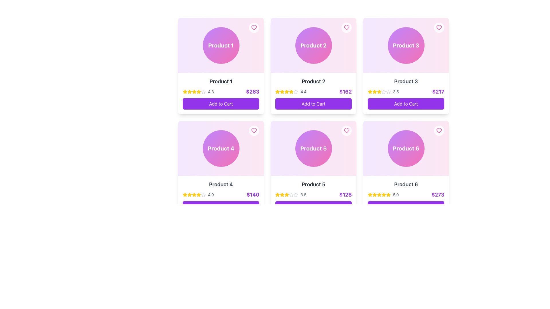  Describe the element at coordinates (211, 195) in the screenshot. I see `the text display showing the rating '4.9', located in the rating row of 'Product 6' card adjacent to the star icons` at that location.